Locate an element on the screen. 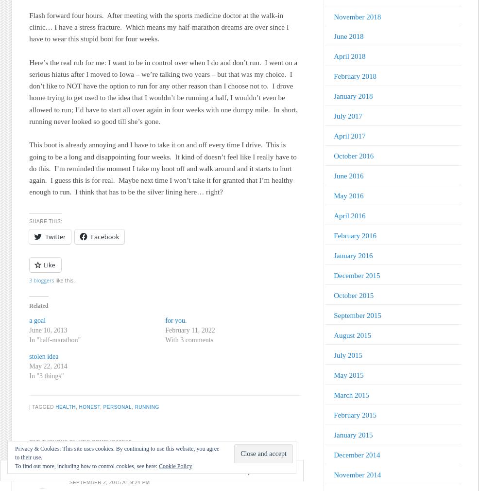 Image resolution: width=479 pixels, height=491 pixels. 'February 2018' is located at coordinates (355, 75).